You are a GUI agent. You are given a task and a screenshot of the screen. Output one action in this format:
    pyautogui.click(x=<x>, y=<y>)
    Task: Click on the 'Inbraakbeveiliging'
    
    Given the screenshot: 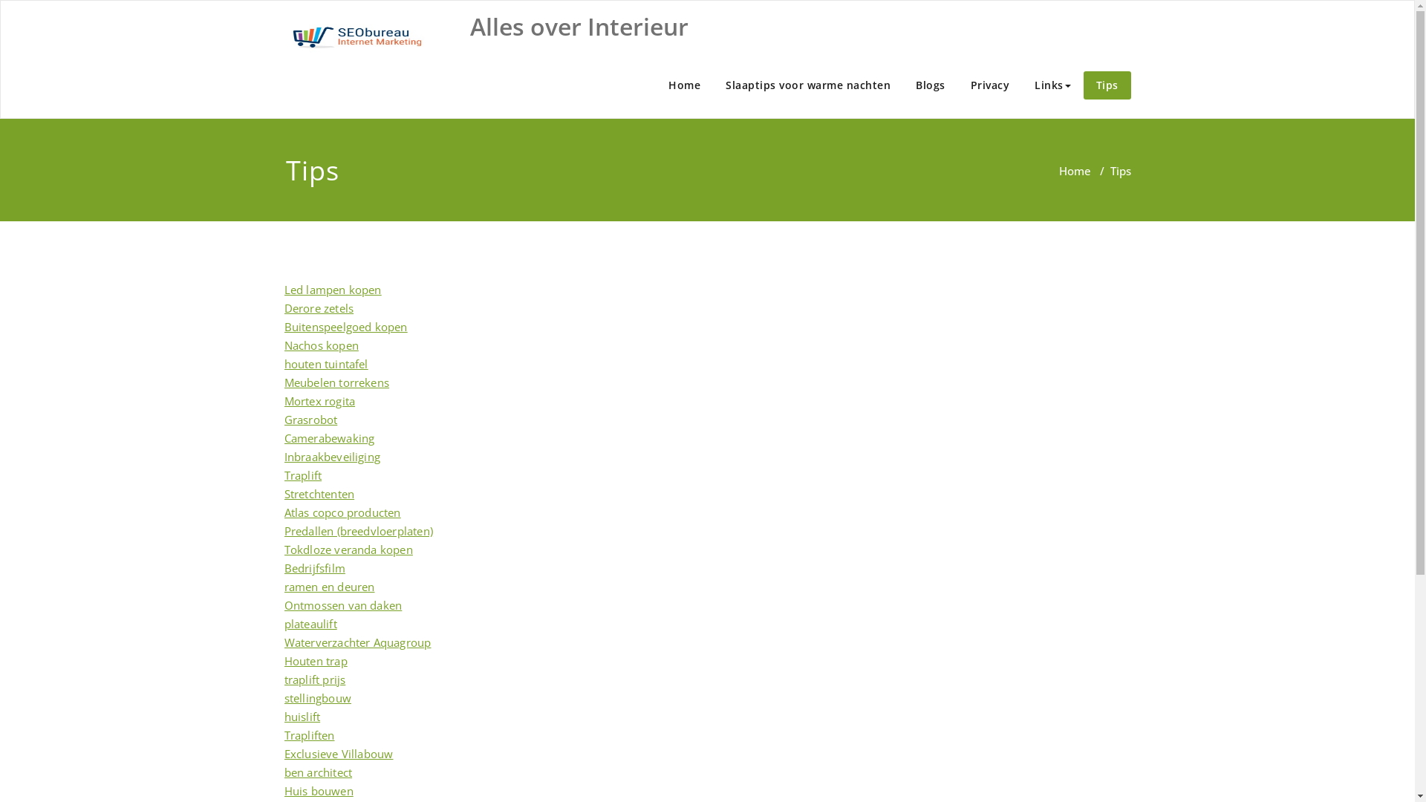 What is the action you would take?
    pyautogui.click(x=331, y=455)
    